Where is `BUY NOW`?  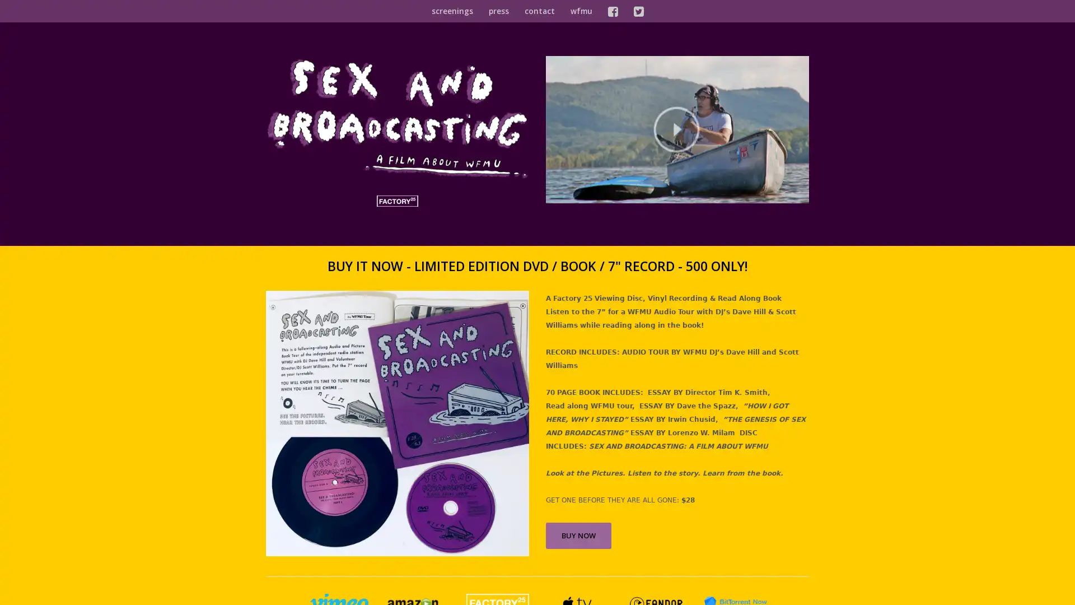 BUY NOW is located at coordinates (578, 534).